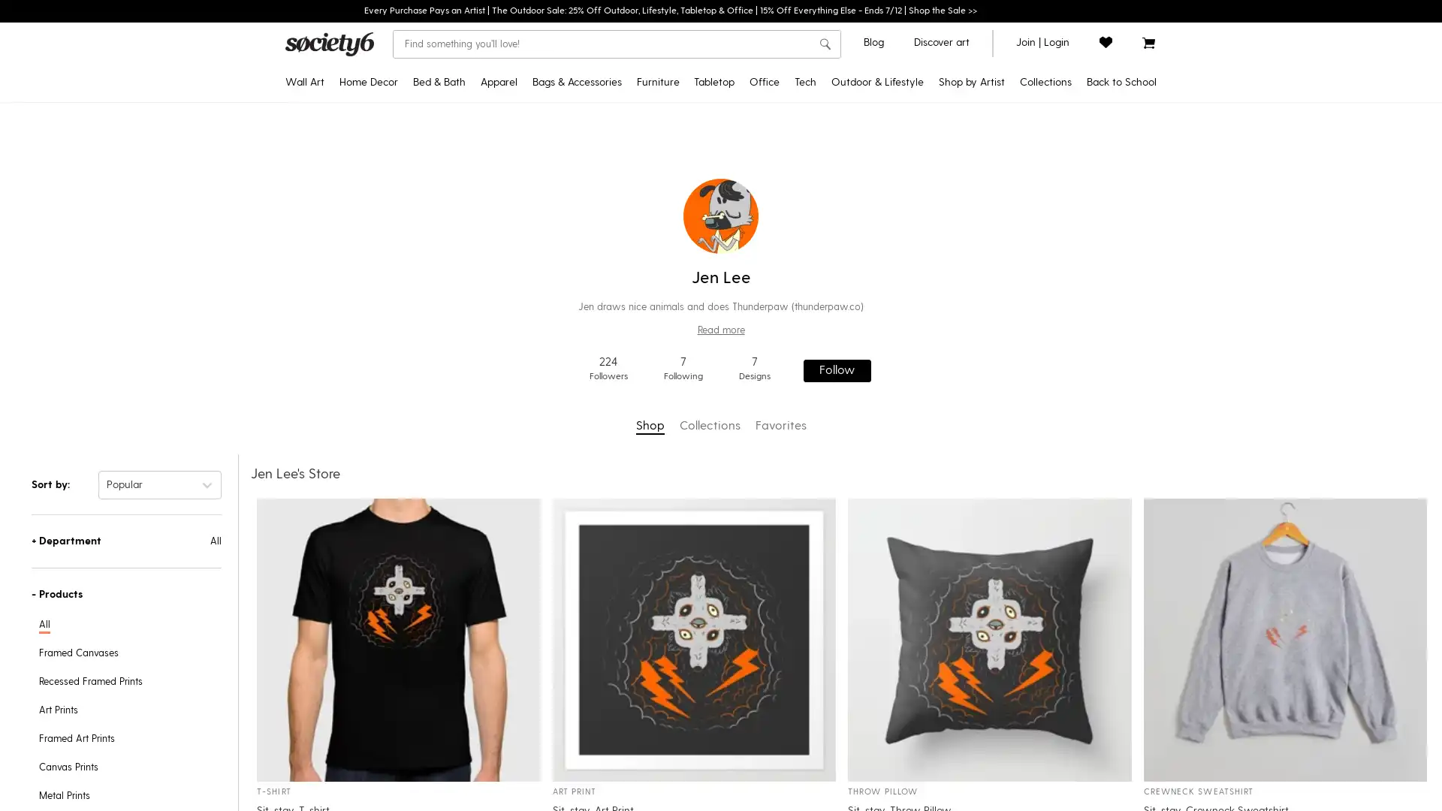 This screenshot has width=1442, height=811. What do you see at coordinates (353, 168) in the screenshot?
I see `Recessed Framed Prints` at bounding box center [353, 168].